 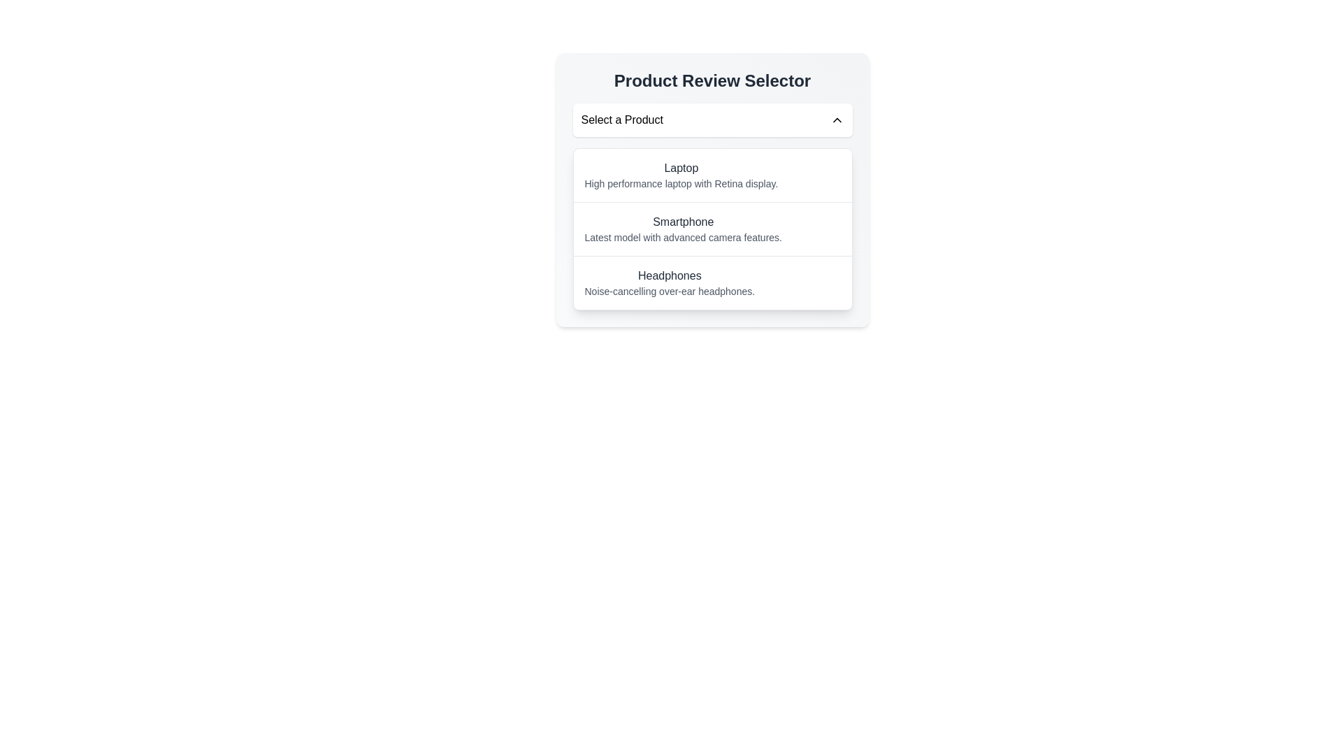 What do you see at coordinates (683, 236) in the screenshot?
I see `the text snippet reading 'Latest model with advanced camera features.' located in the 'Smartphone' section of the dropdown list` at bounding box center [683, 236].